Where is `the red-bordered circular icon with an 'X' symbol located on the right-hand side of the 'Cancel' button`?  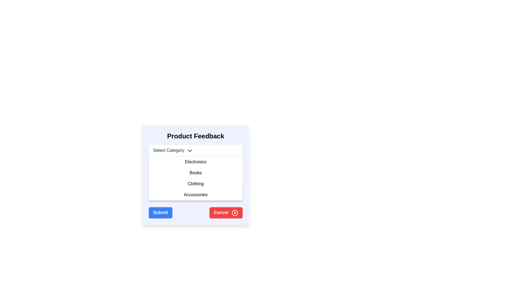
the red-bordered circular icon with an 'X' symbol located on the right-hand side of the 'Cancel' button is located at coordinates (235, 212).